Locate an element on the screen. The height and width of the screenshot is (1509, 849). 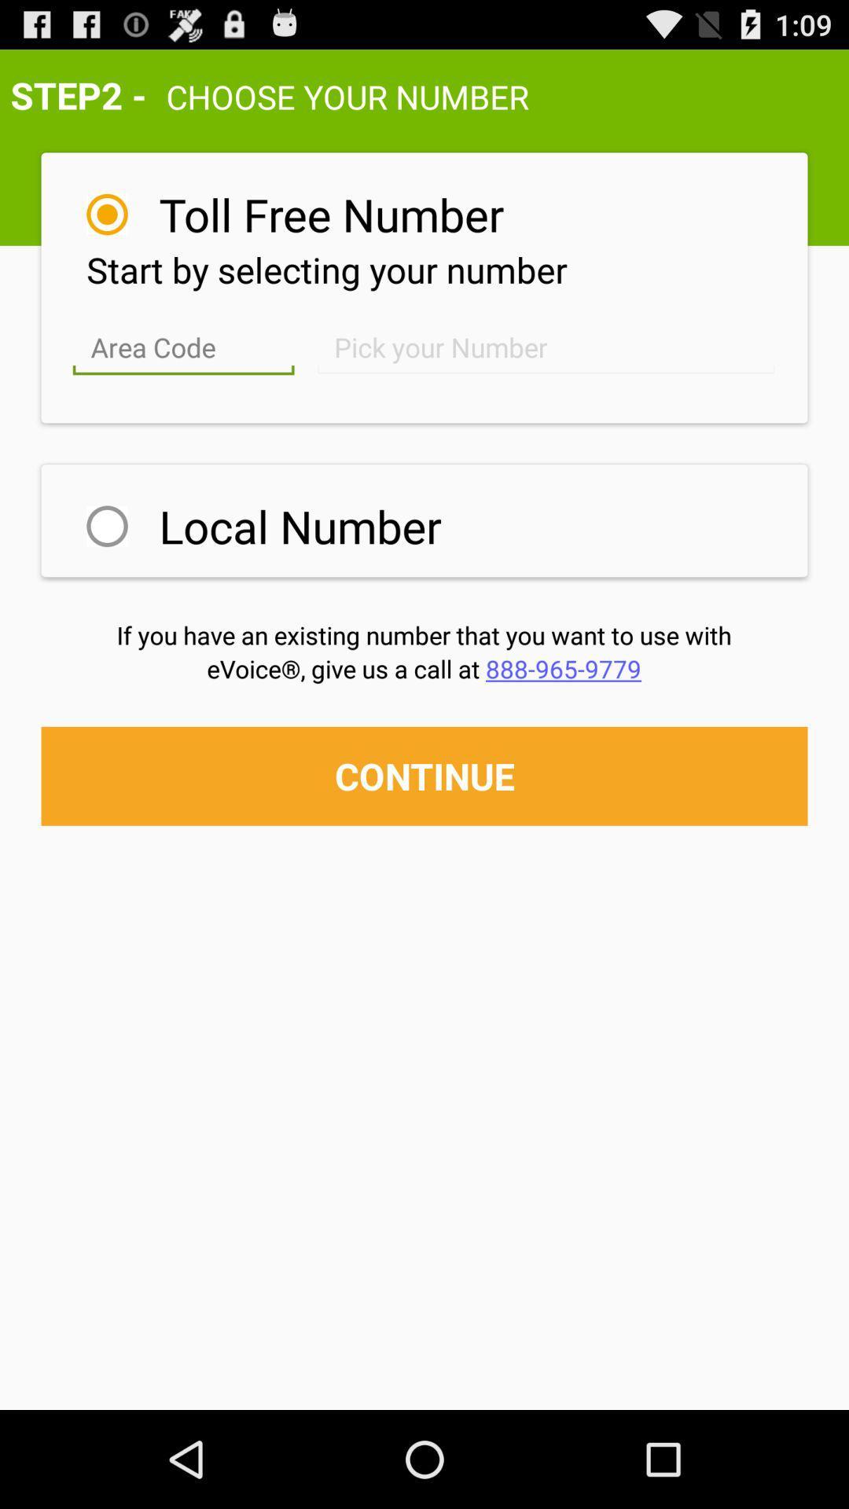
the item below the evoice give us is located at coordinates (424, 776).